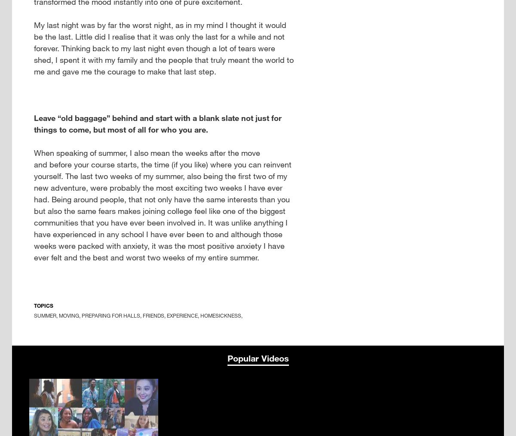 This screenshot has width=516, height=436. What do you see at coordinates (220, 315) in the screenshot?
I see `'homesickness'` at bounding box center [220, 315].